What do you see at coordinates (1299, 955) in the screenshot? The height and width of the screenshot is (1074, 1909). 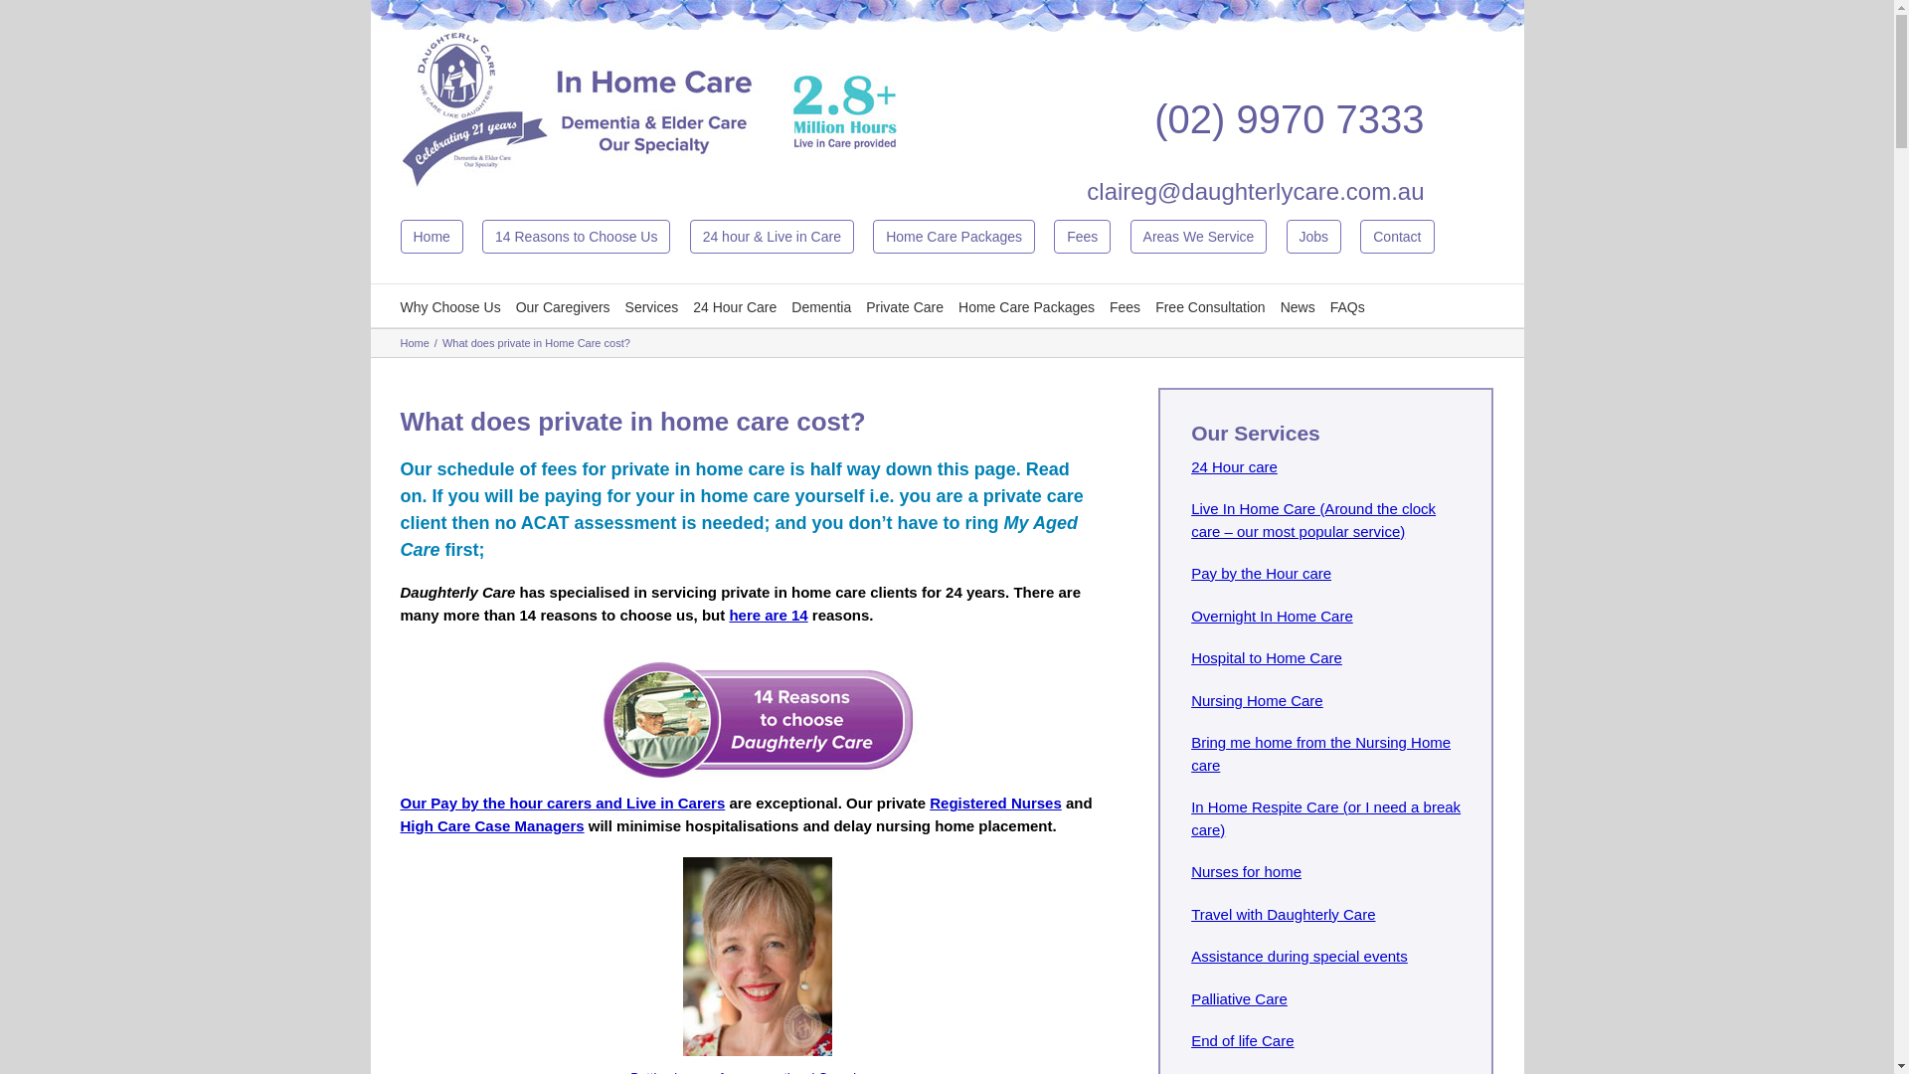 I see `'Assistance during special events'` at bounding box center [1299, 955].